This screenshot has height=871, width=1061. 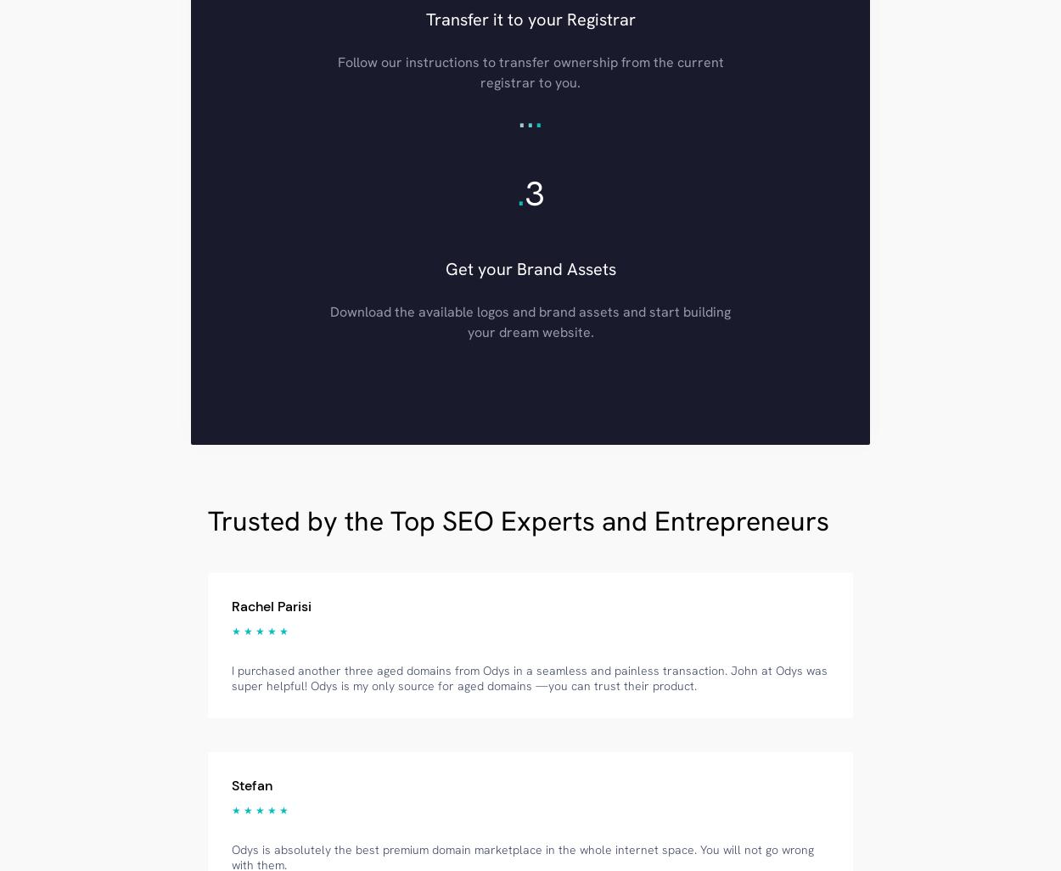 What do you see at coordinates (525, 192) in the screenshot?
I see `'3'` at bounding box center [525, 192].